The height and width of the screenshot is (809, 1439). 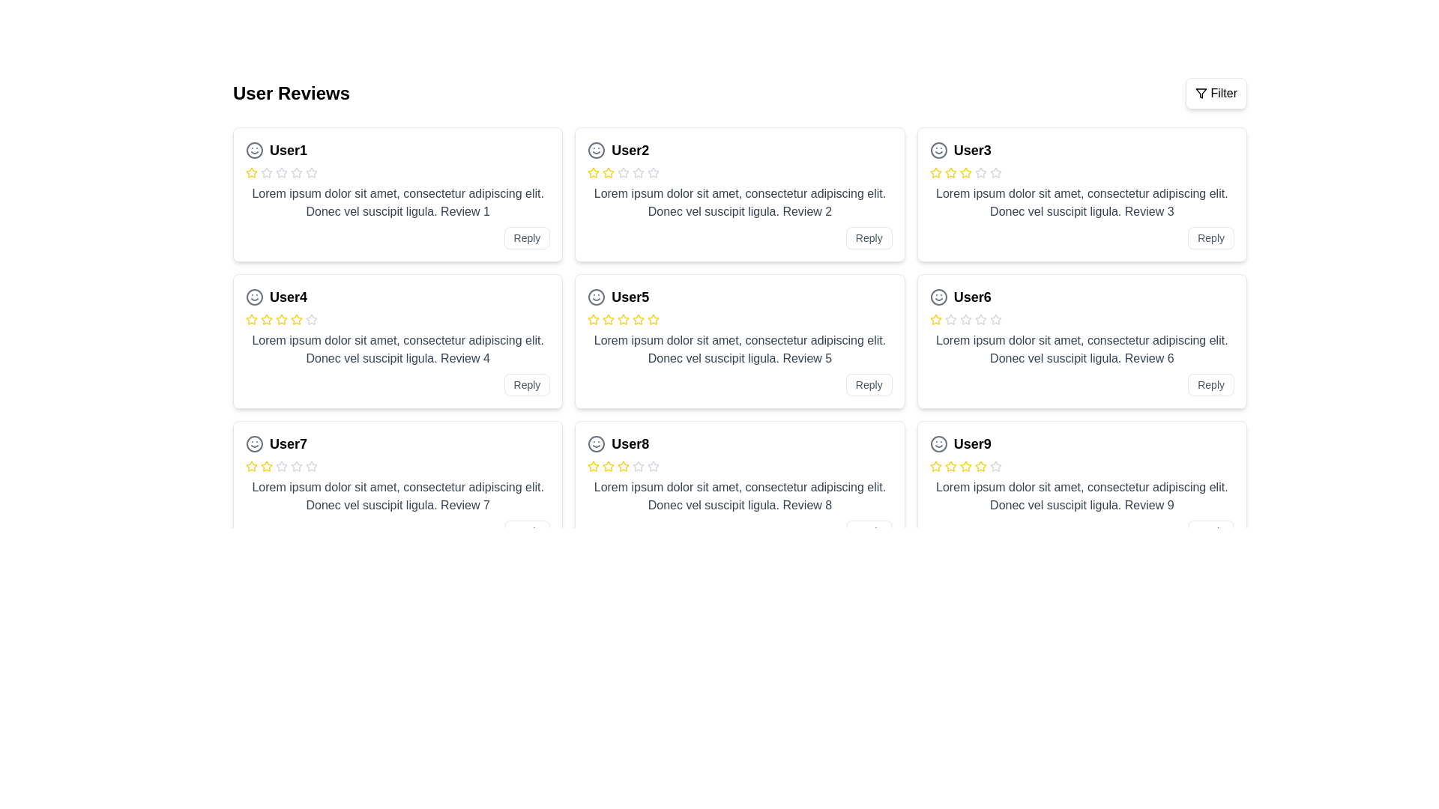 What do you see at coordinates (252, 172) in the screenshot?
I see `the first star icon in the rating system for User1's review, which allows users to provide feedback by selecting a rating` at bounding box center [252, 172].